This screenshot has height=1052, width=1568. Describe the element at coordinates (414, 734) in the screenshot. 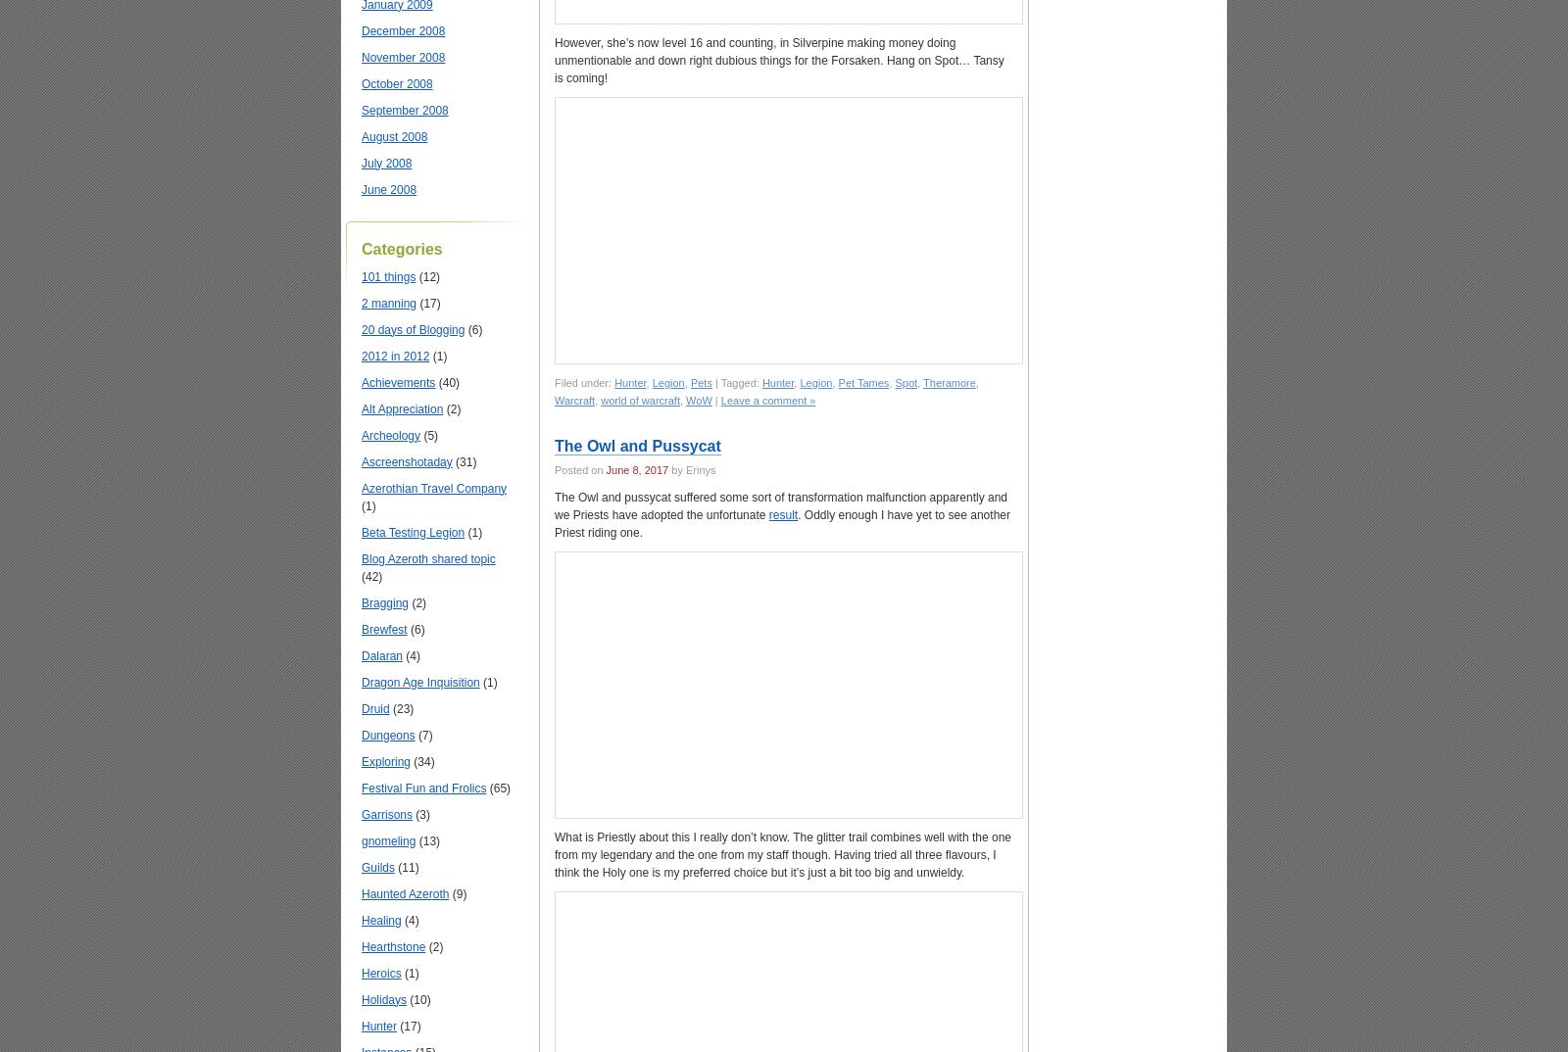

I see `'(7)'` at that location.